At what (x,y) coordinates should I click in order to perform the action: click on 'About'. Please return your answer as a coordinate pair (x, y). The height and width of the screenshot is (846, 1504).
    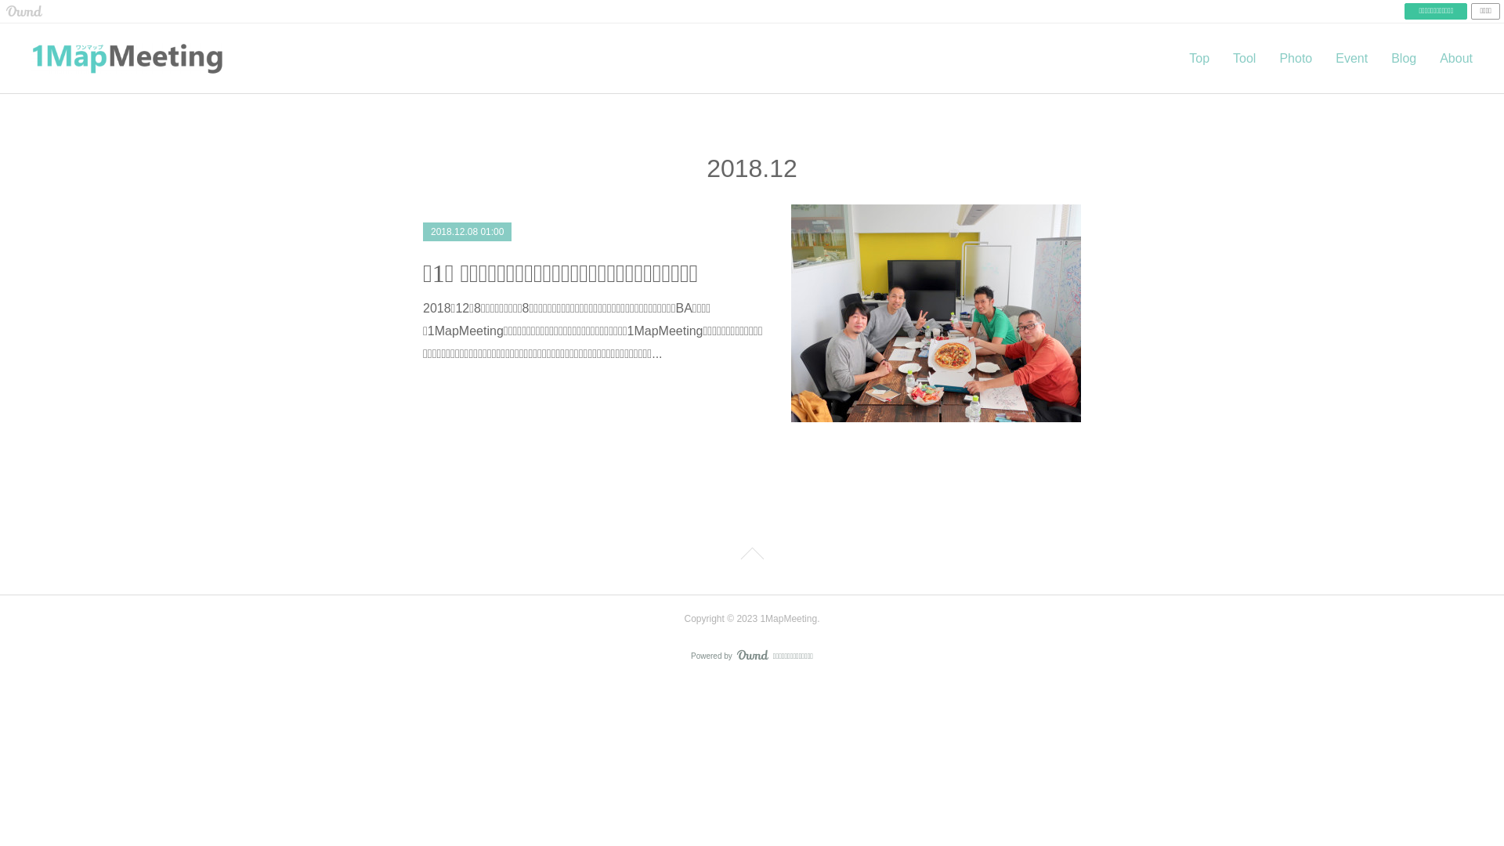
    Looking at the image, I should click on (1455, 57).